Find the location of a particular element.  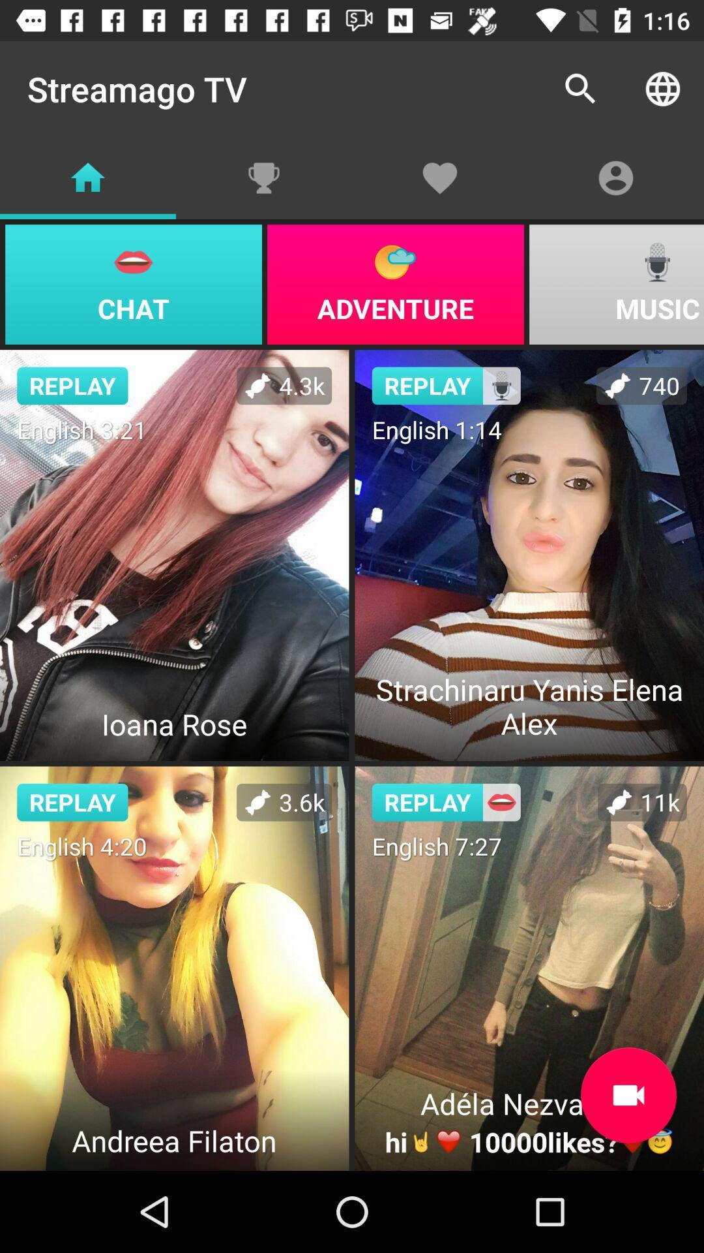

start video chat option is located at coordinates (628, 1095).